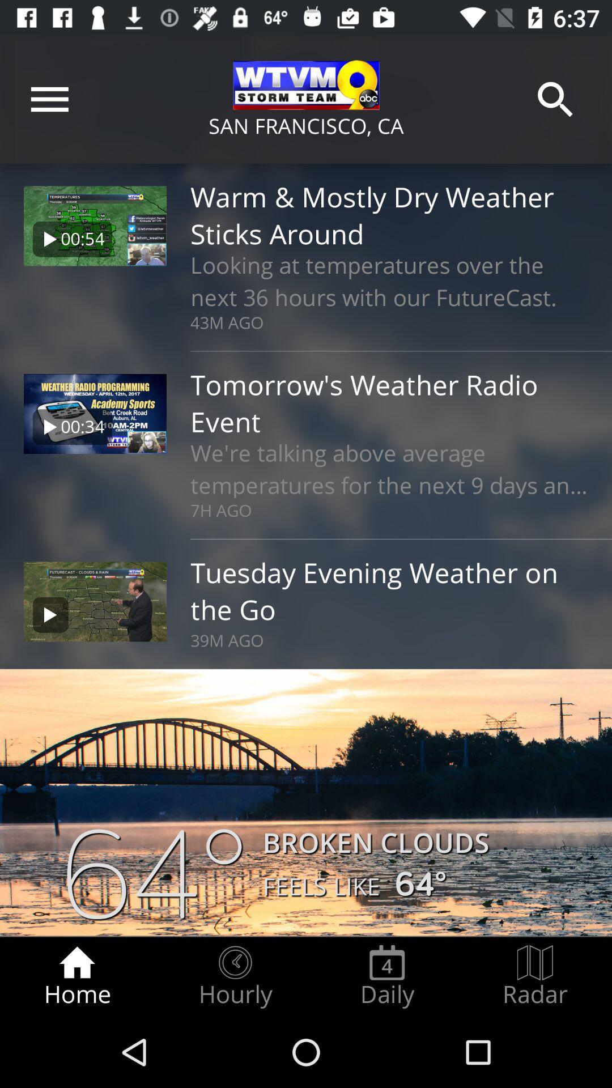 The height and width of the screenshot is (1088, 612). I want to click on icon to the left of radar icon, so click(386, 976).